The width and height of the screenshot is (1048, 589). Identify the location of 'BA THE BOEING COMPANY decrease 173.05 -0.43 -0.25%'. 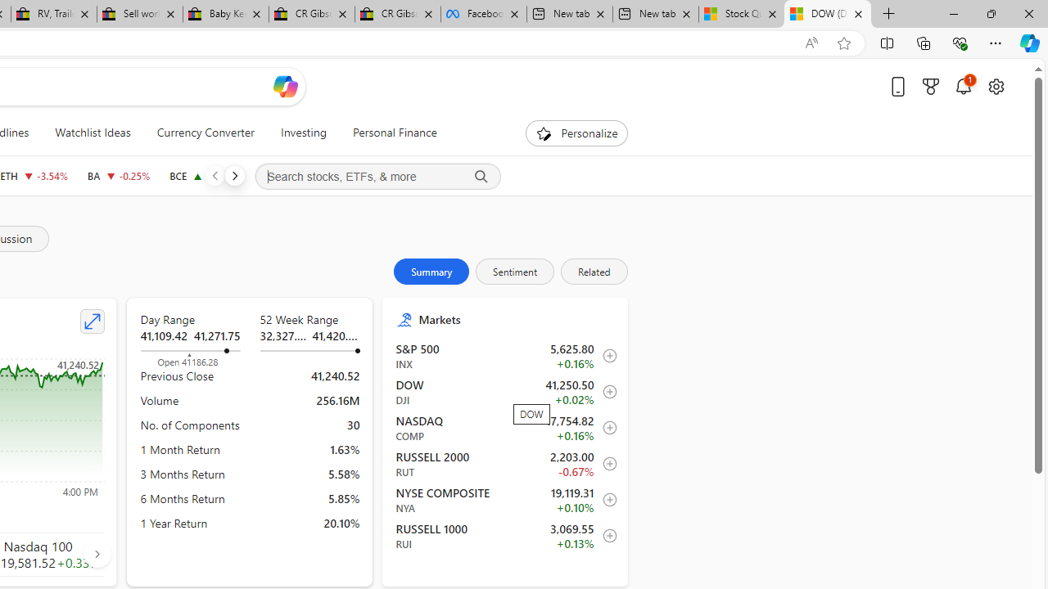
(118, 175).